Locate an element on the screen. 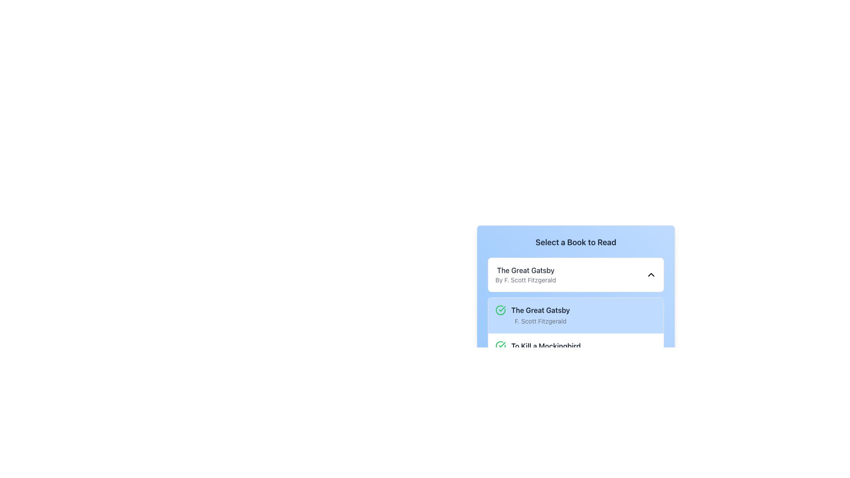 The width and height of the screenshot is (850, 478). the selectable list item for the book 'The Great Gatsby' by F. Scott Fitzgerald, which is the first item in a vertical list under the 'Select a Book to Read' dropdown is located at coordinates (576, 315).